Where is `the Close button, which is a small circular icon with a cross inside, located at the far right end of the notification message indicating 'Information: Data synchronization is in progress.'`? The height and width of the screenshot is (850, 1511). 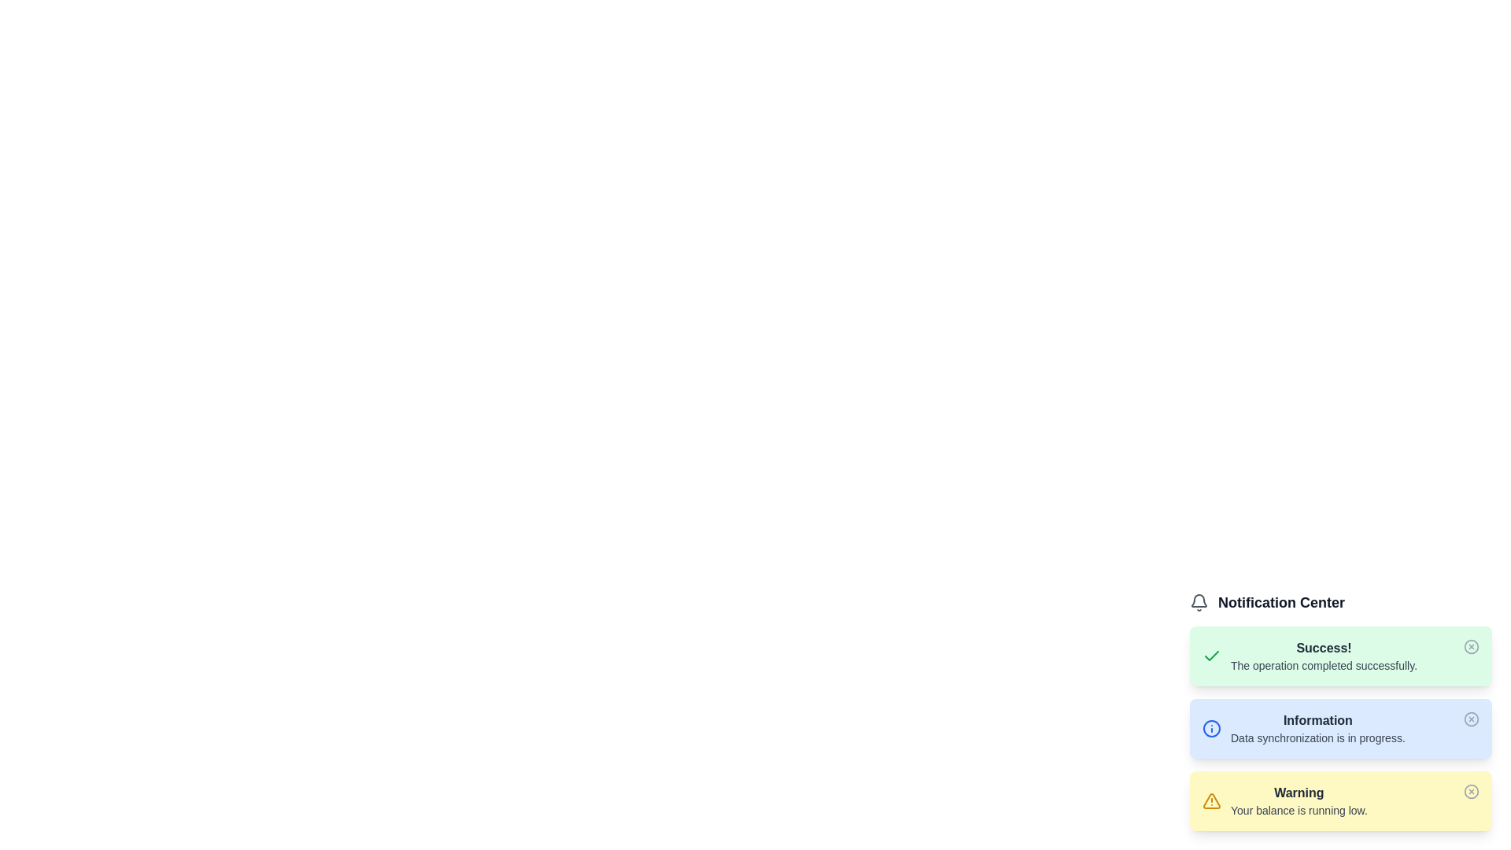 the Close button, which is a small circular icon with a cross inside, located at the far right end of the notification message indicating 'Information: Data synchronization is in progress.' is located at coordinates (1471, 719).